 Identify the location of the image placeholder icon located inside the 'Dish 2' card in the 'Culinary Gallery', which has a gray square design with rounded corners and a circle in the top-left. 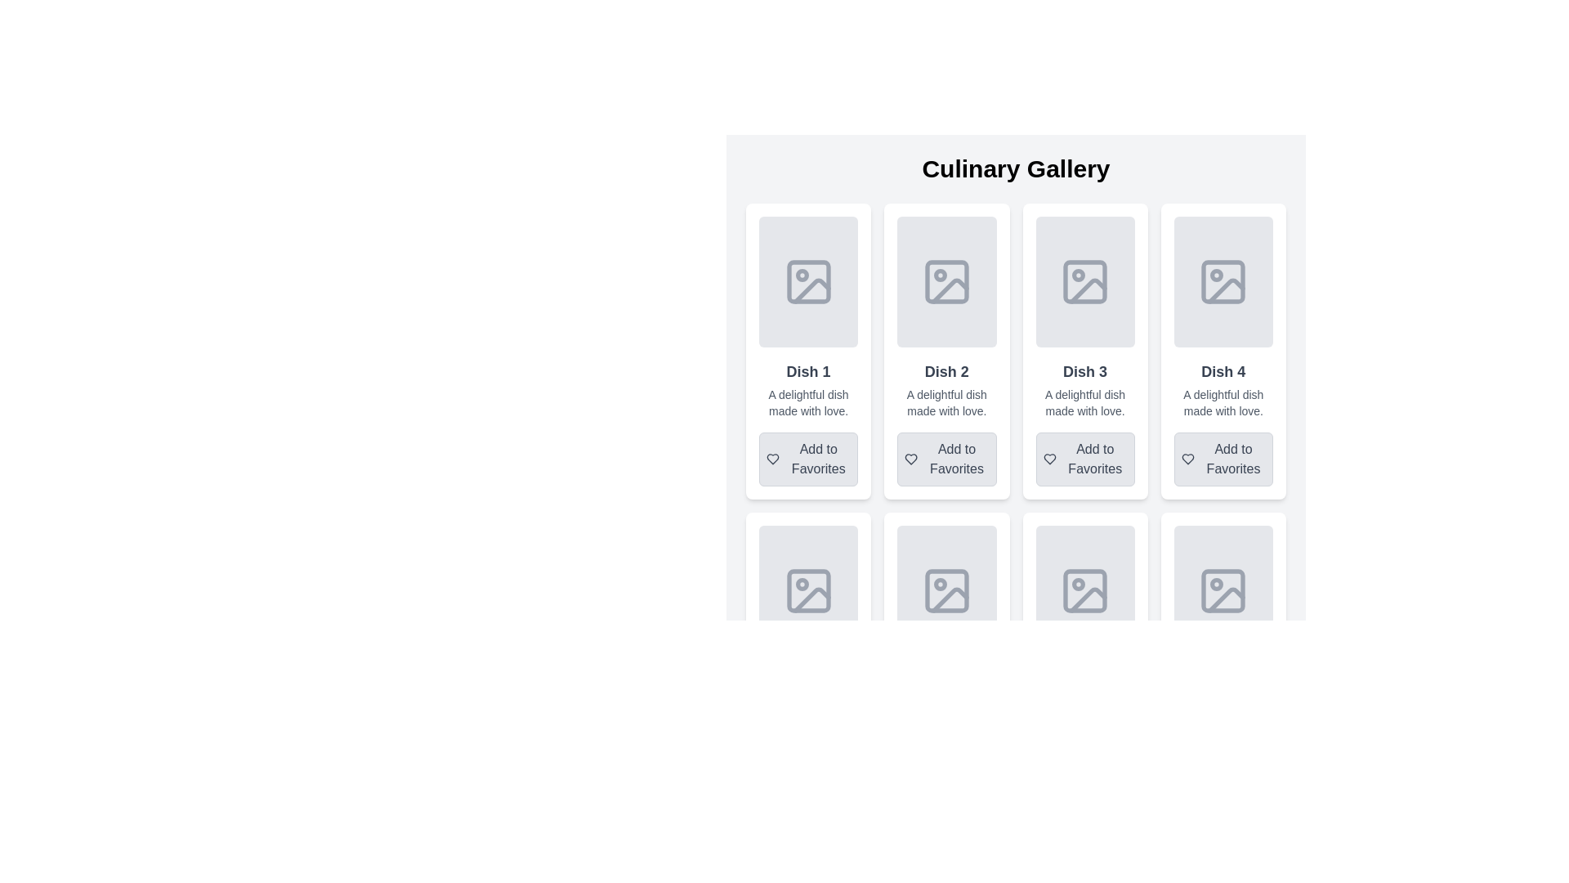
(946, 280).